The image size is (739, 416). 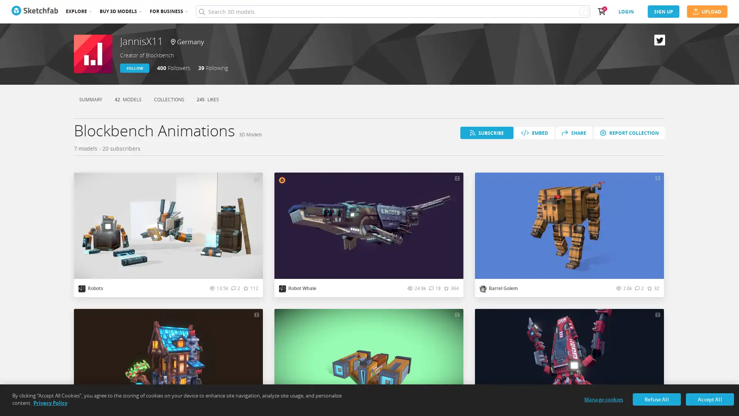 What do you see at coordinates (534, 132) in the screenshot?
I see `EMBED` at bounding box center [534, 132].